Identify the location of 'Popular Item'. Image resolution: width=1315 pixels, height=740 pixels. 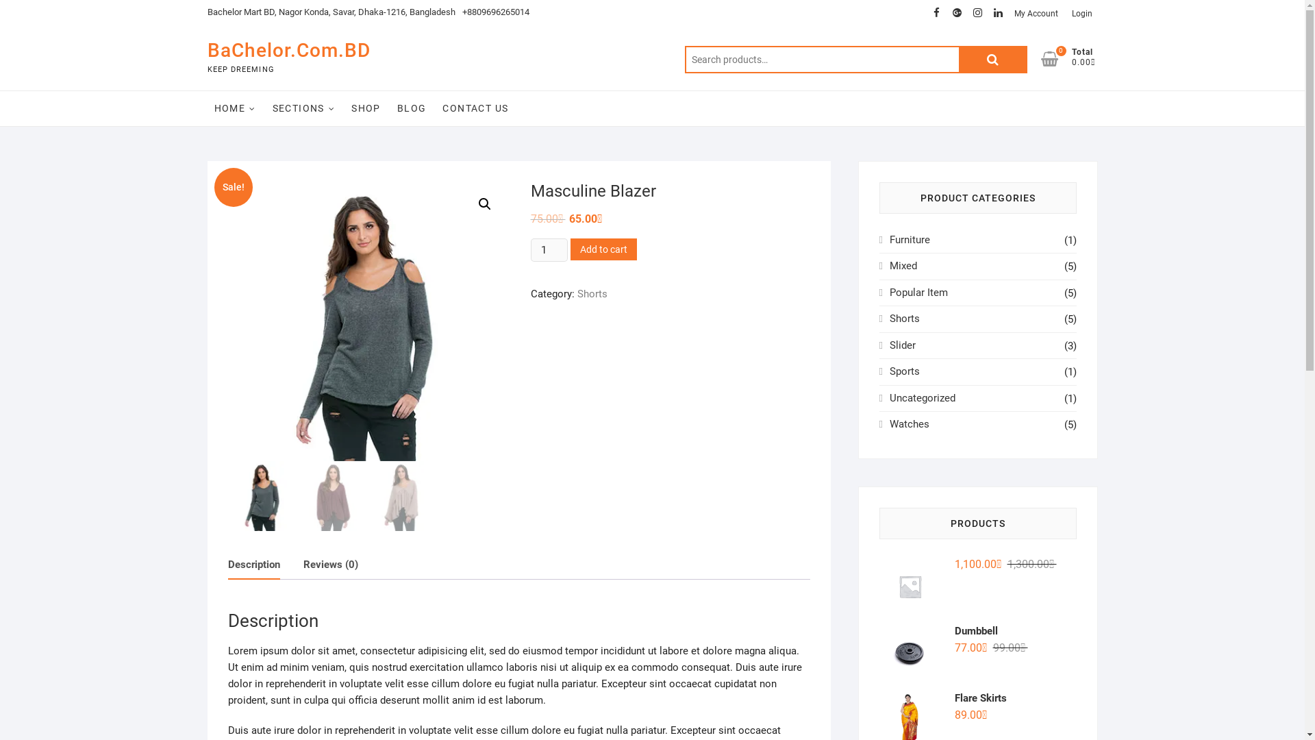
(918, 292).